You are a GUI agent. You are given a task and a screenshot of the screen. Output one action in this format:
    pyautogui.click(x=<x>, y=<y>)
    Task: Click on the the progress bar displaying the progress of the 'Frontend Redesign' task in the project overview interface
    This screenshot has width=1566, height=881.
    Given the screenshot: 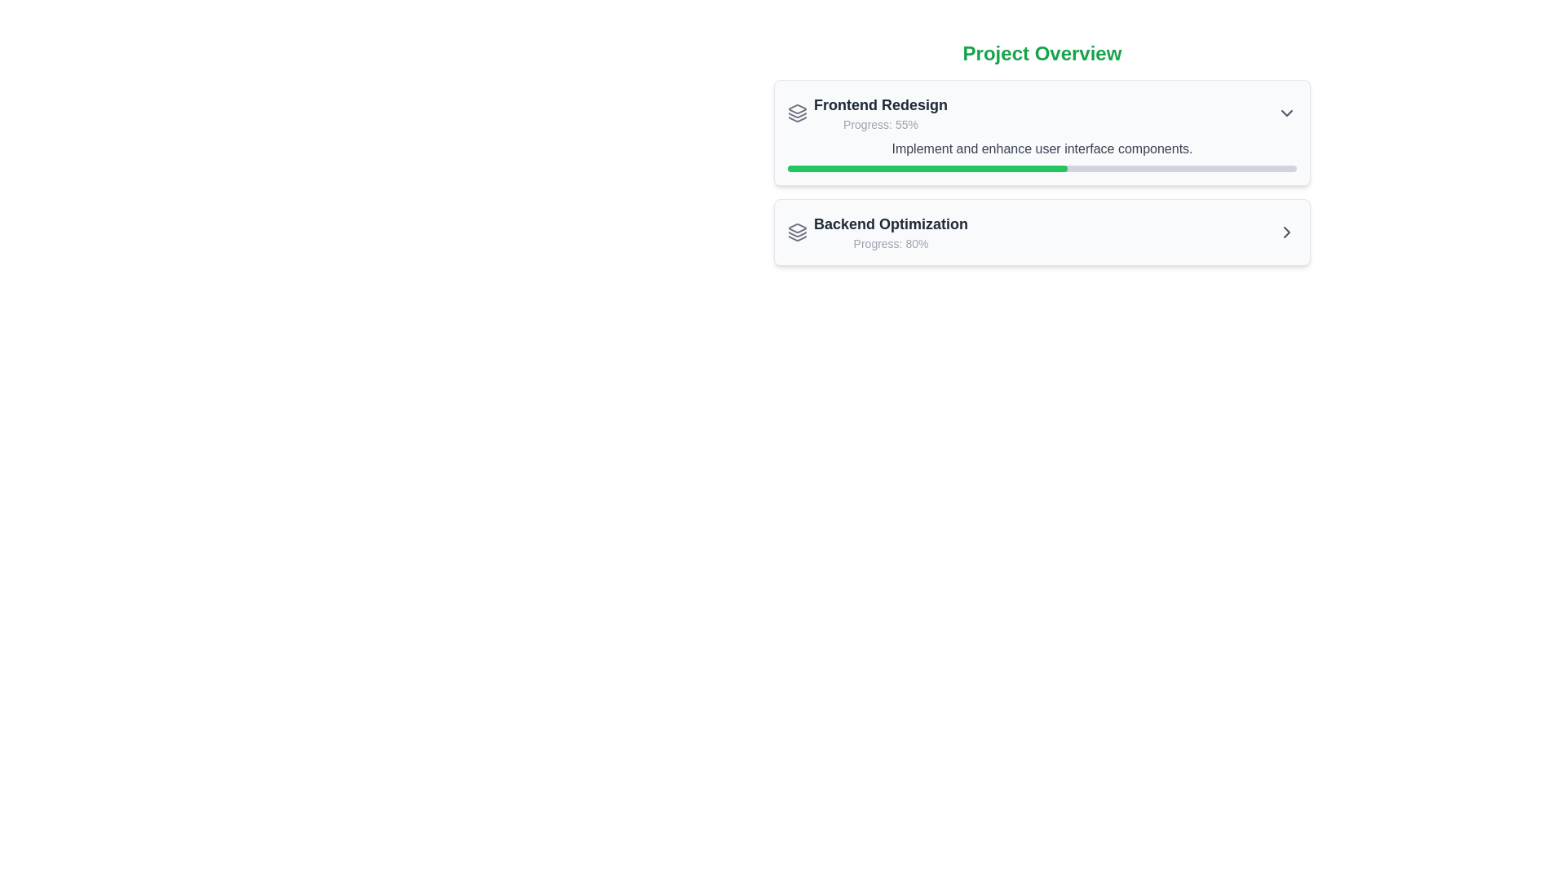 What is the action you would take?
    pyautogui.click(x=927, y=169)
    